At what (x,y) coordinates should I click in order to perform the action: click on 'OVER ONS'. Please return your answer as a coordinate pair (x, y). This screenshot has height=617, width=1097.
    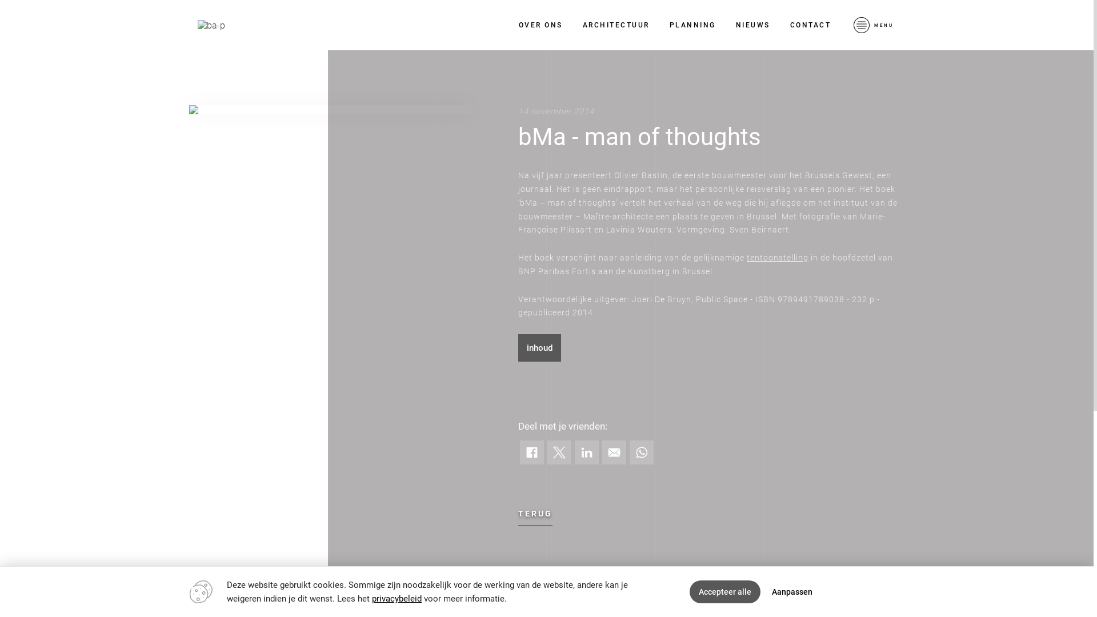
    Looking at the image, I should click on (540, 25).